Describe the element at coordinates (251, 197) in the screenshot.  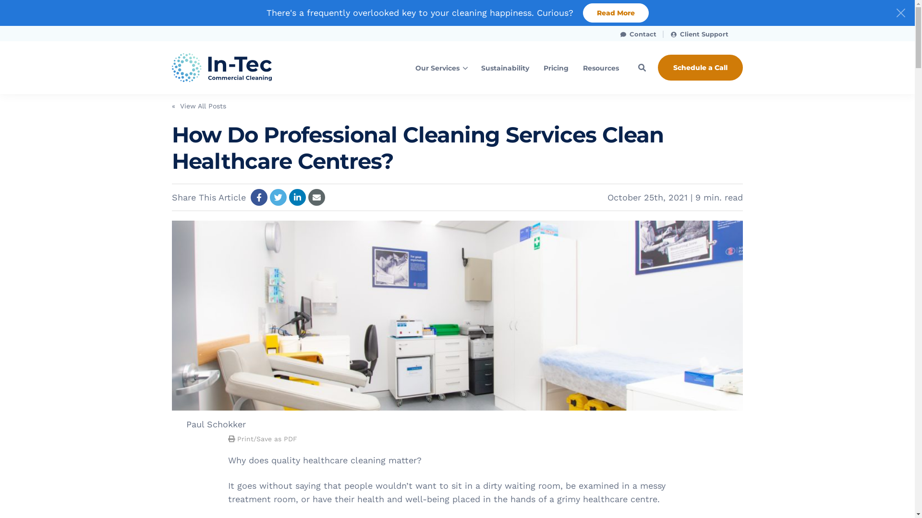
I see `'Share on Facebook'` at that location.